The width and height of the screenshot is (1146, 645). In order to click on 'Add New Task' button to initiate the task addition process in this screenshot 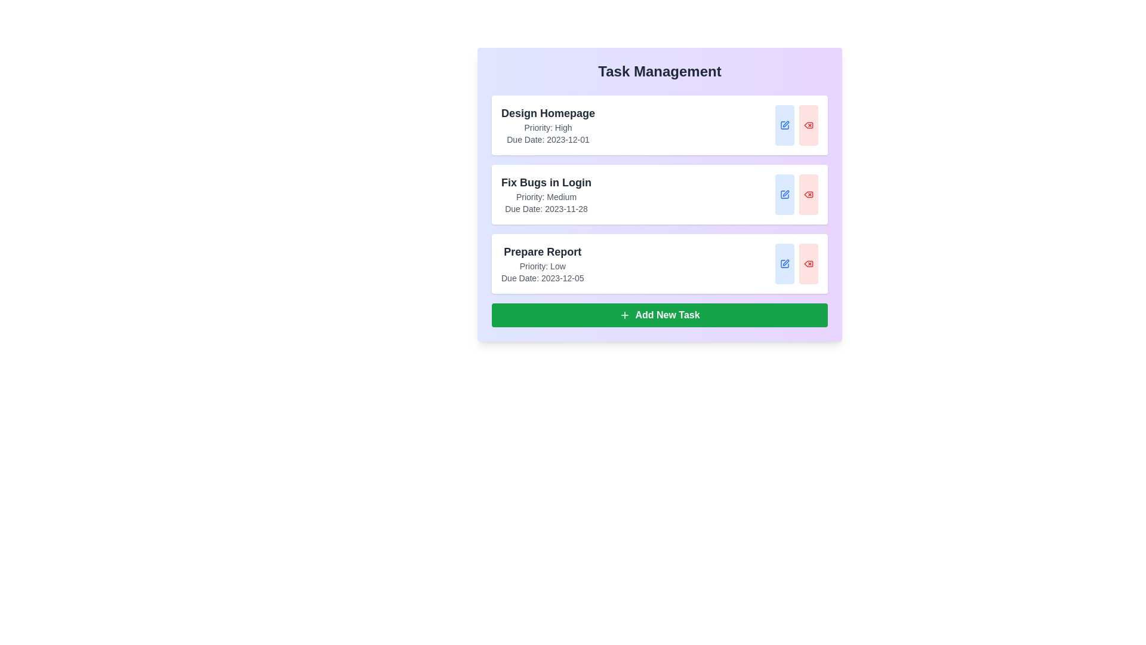, I will do `click(659, 315)`.